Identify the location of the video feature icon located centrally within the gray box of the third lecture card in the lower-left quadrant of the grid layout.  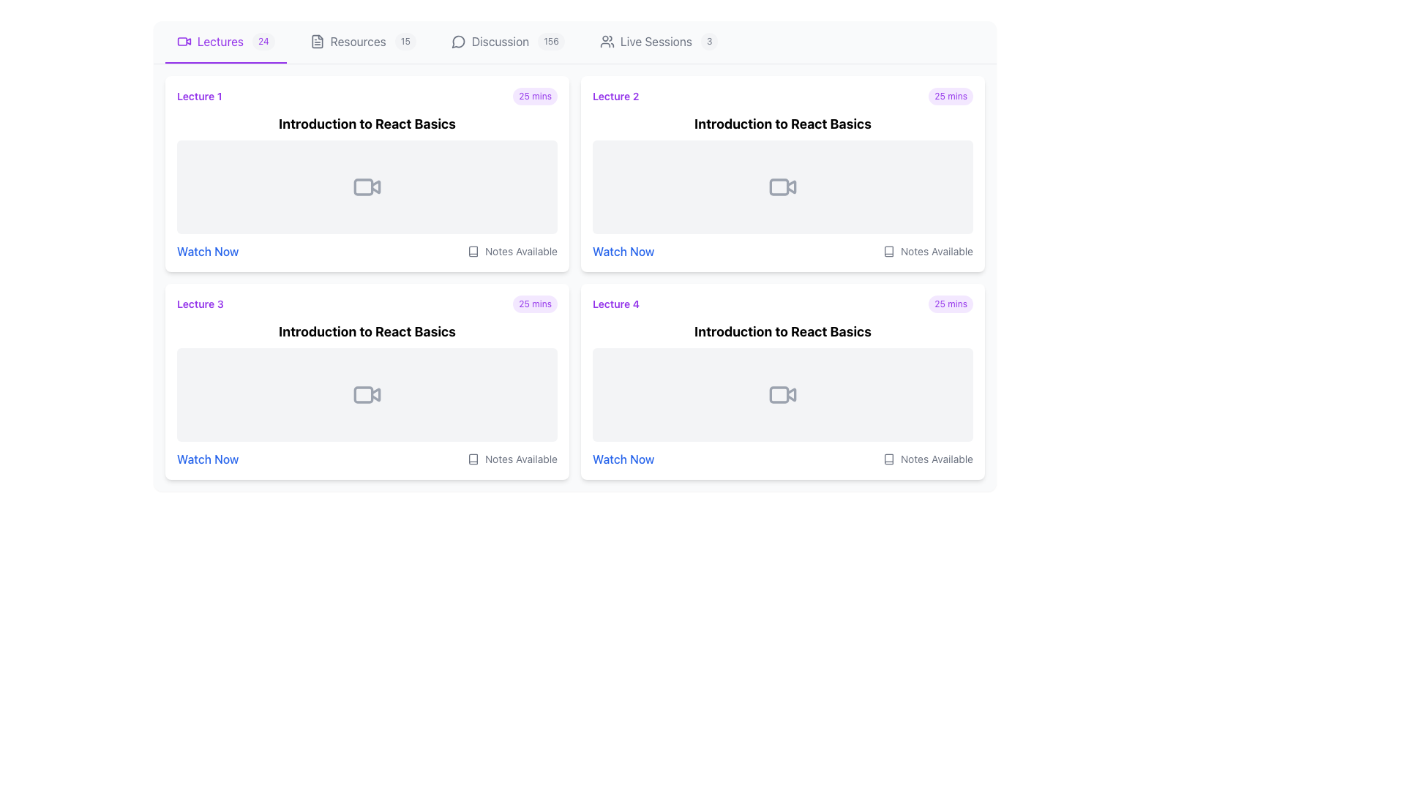
(367, 395).